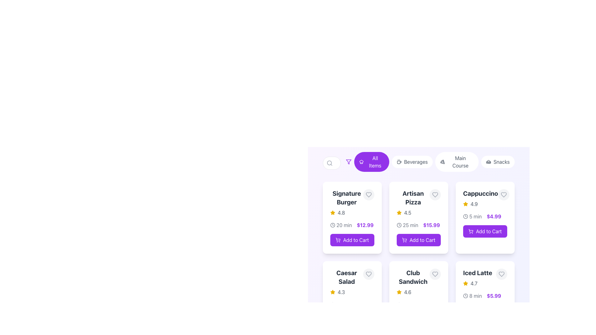 This screenshot has height=335, width=596. Describe the element at coordinates (418, 282) in the screenshot. I see `the 'Club Sandwich' text element which displays the name and rating, located in the second row of the grid structure` at that location.